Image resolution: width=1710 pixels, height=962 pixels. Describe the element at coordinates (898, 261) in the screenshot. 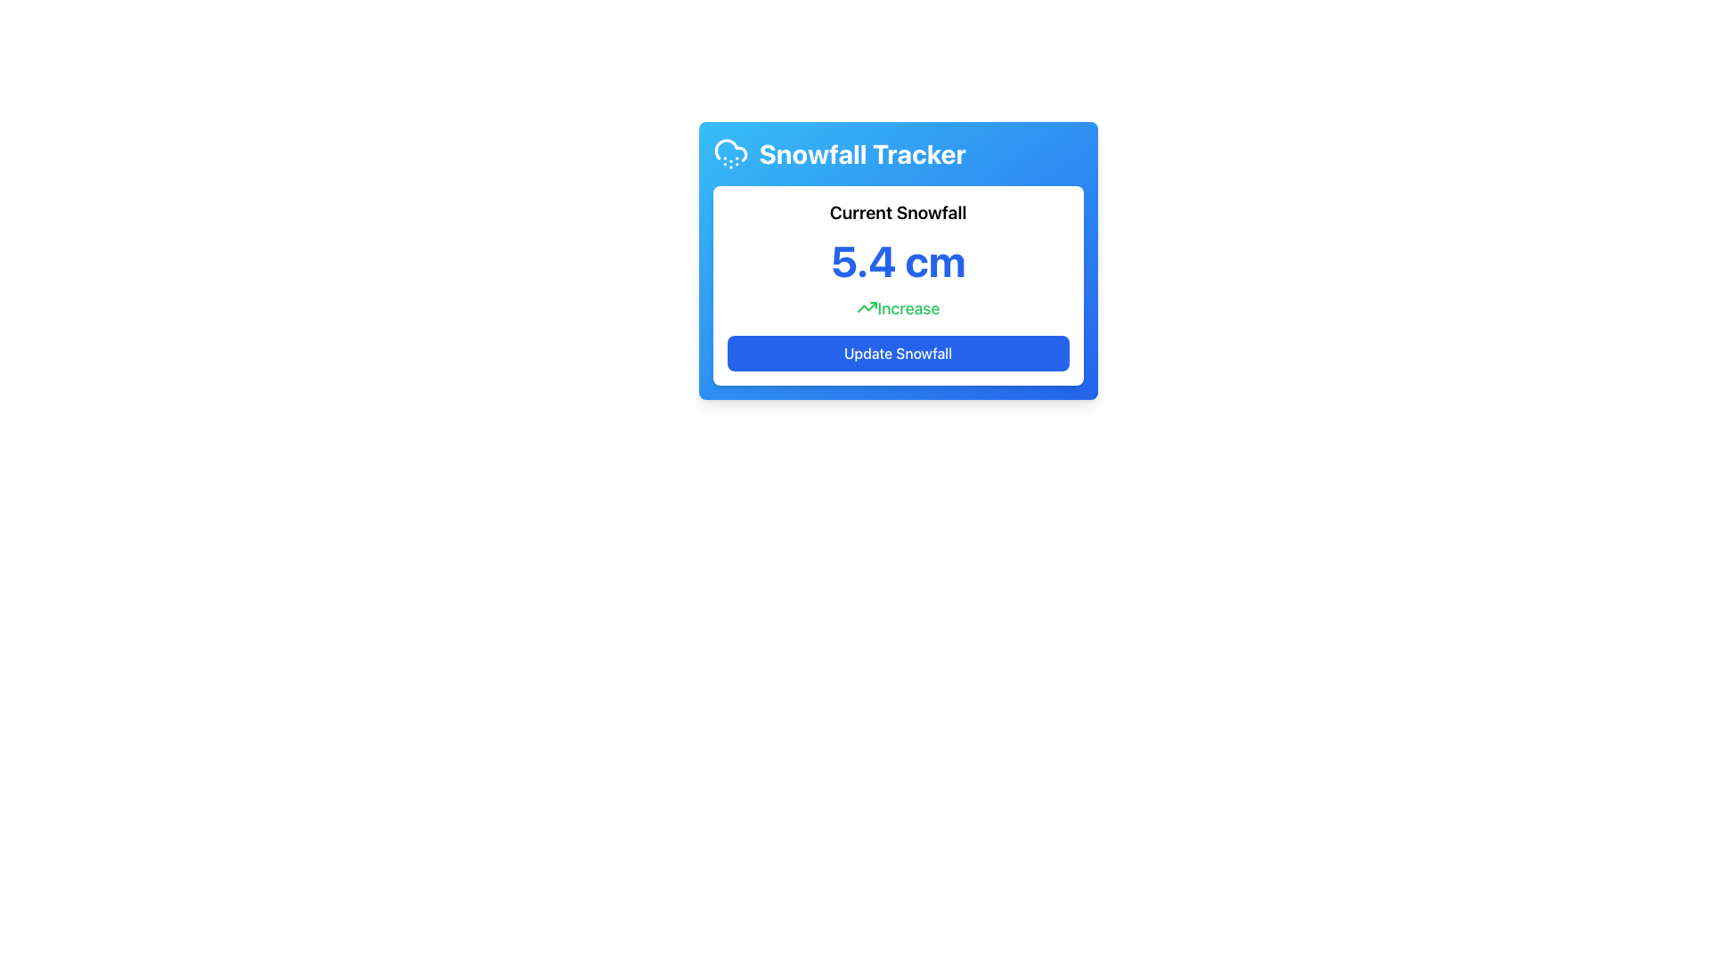

I see `the Text Label that displays the current snowfall value in centimeters, located within the 'Snowfall Tracker' card layout, positioned between 'Current Snowfall' and 'Increase' labels` at that location.